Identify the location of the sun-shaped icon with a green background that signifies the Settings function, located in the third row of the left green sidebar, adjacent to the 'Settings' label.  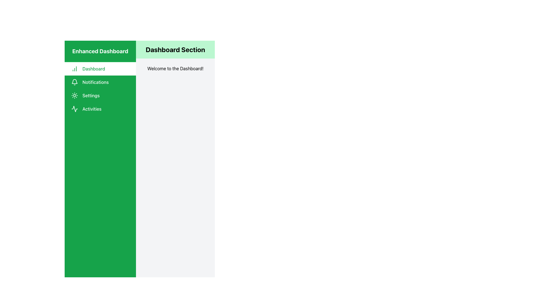
(74, 95).